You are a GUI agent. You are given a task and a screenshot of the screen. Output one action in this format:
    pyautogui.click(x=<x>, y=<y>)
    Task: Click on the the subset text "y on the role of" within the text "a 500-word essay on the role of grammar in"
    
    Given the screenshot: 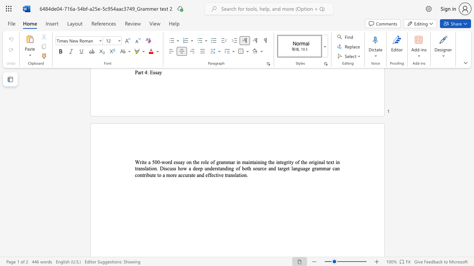 What is the action you would take?
    pyautogui.click(x=182, y=162)
    